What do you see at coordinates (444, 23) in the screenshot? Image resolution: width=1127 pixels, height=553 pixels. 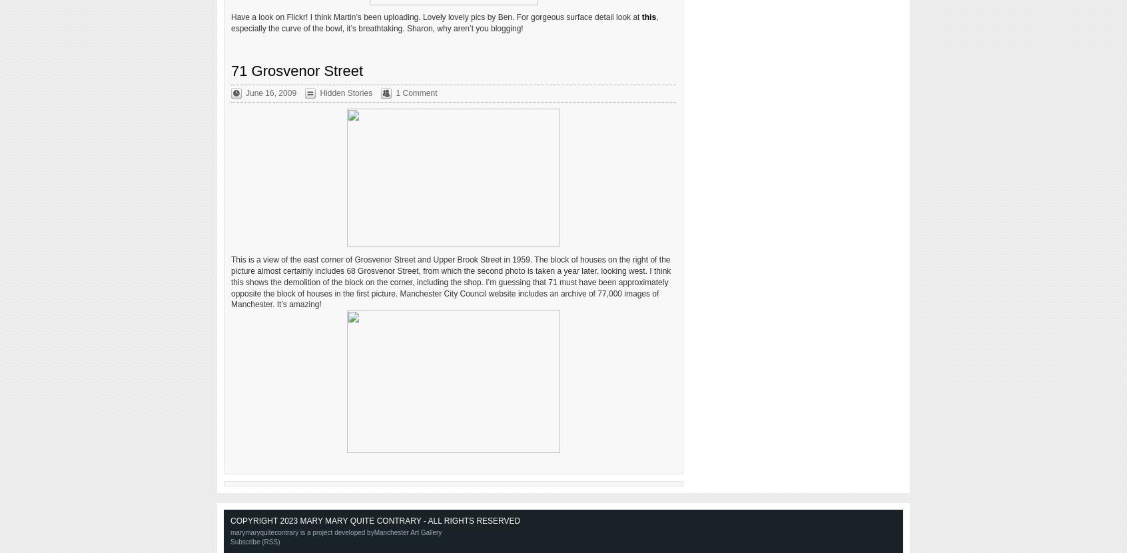 I see `', especially the curve of the bowl, it’s breathtaking. Sharon, why aren’t you blogging!'` at bounding box center [444, 23].